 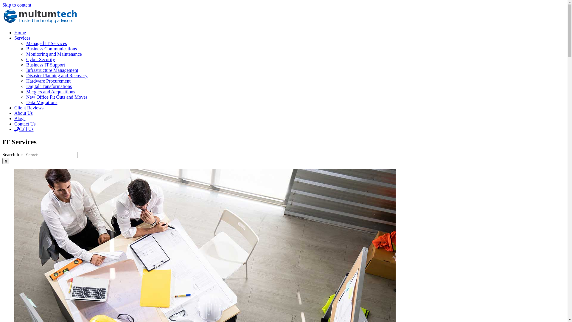 I want to click on 'Mergers and Acquisitions', so click(x=50, y=92).